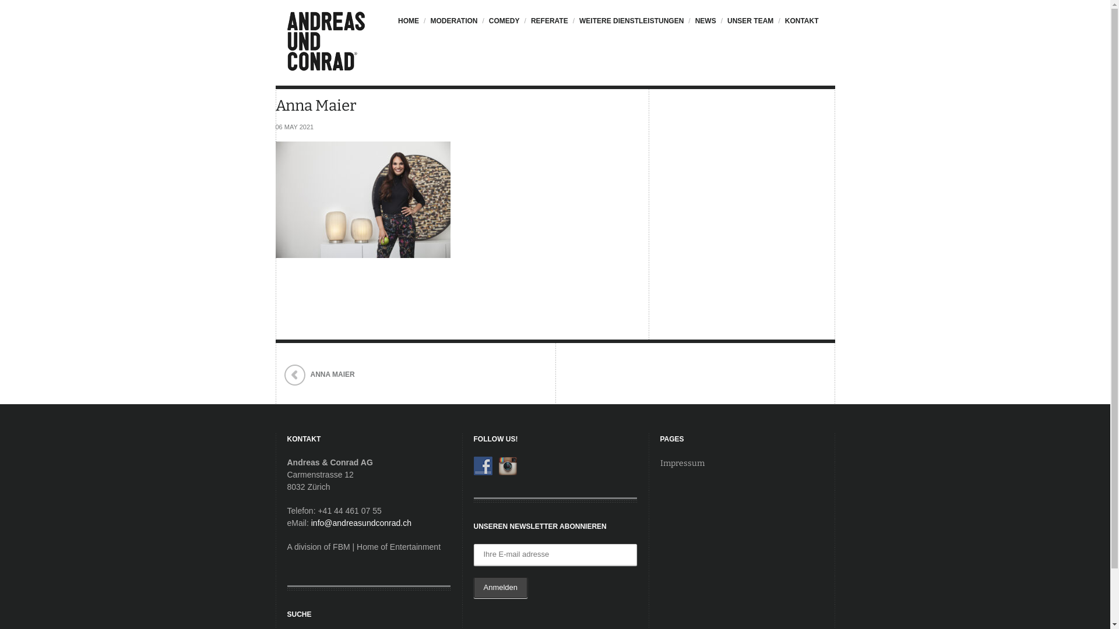  Describe the element at coordinates (548, 26) in the screenshot. I see `'REFERATE'` at that location.